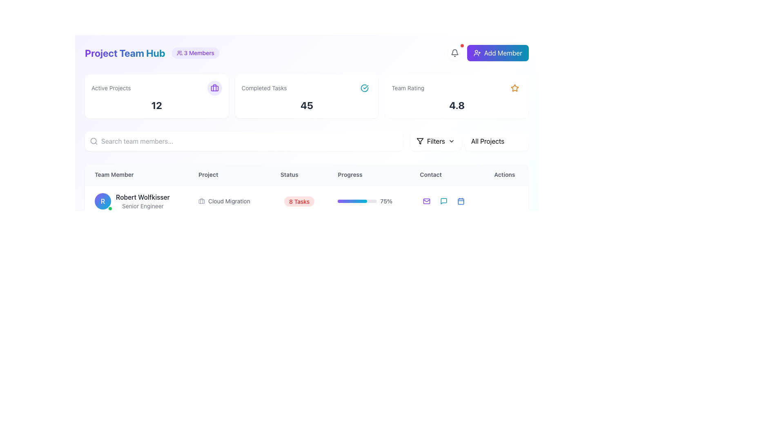 The image size is (784, 441). What do you see at coordinates (457, 105) in the screenshot?
I see `displayed numeric value '4.8' from the Text label in the 'Team Rating' section, which is prominently styled and located centrally under the label 'Team Rating.'` at bounding box center [457, 105].